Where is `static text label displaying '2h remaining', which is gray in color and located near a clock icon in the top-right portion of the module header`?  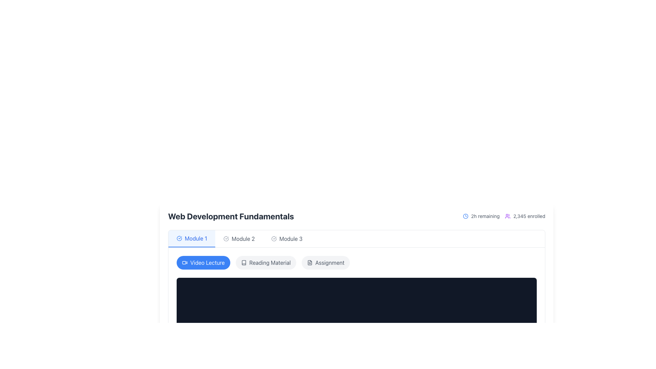
static text label displaying '2h remaining', which is gray in color and located near a clock icon in the top-right portion of the module header is located at coordinates (485, 216).